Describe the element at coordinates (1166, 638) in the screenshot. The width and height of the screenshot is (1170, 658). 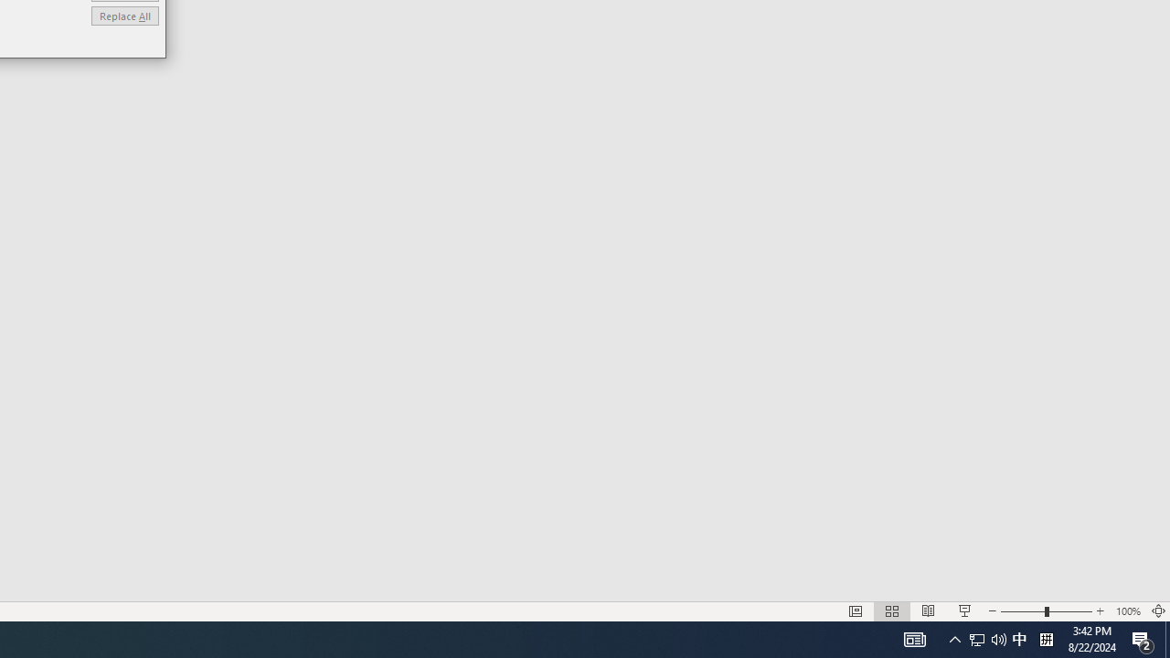
I see `'Show desktop'` at that location.